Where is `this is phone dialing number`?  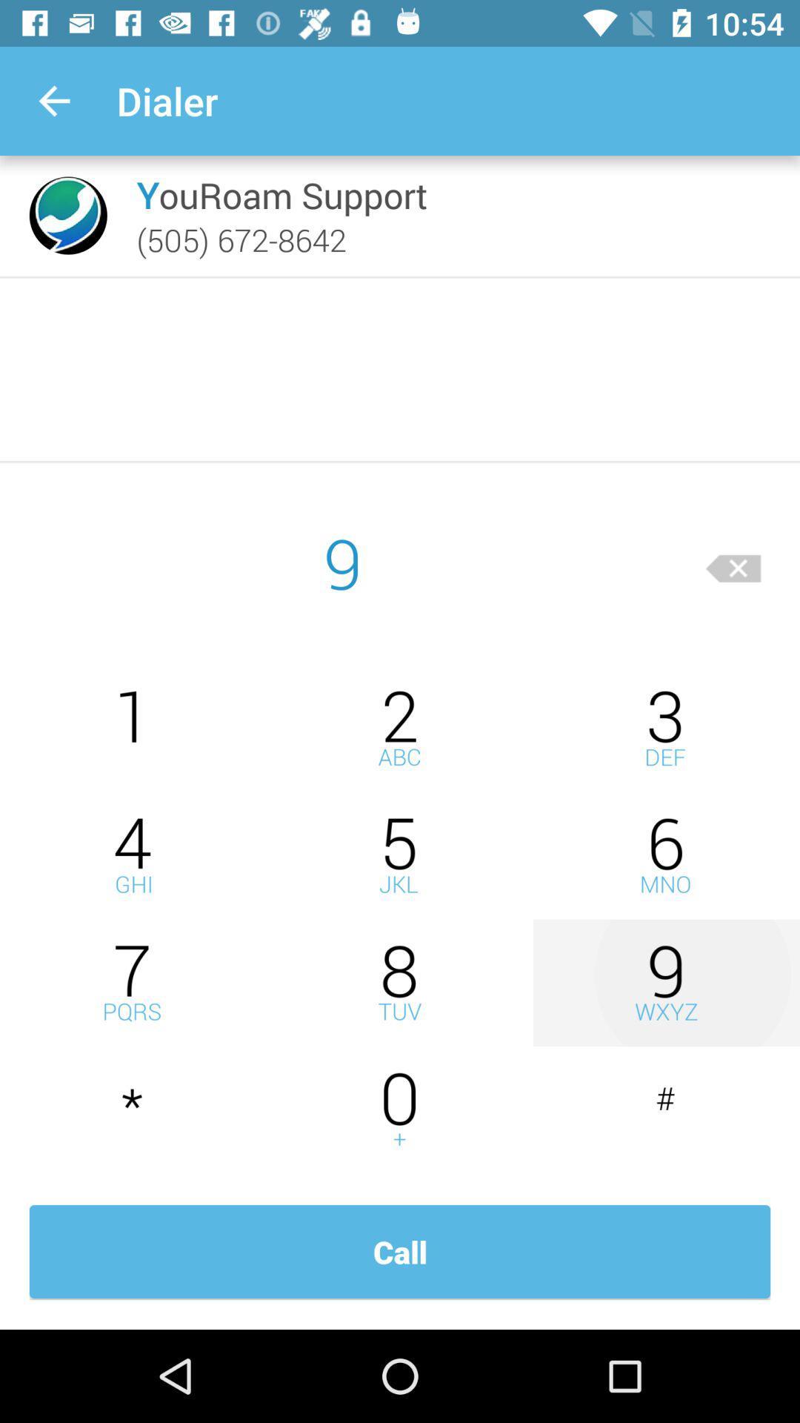
this is phone dialing number is located at coordinates (400, 983).